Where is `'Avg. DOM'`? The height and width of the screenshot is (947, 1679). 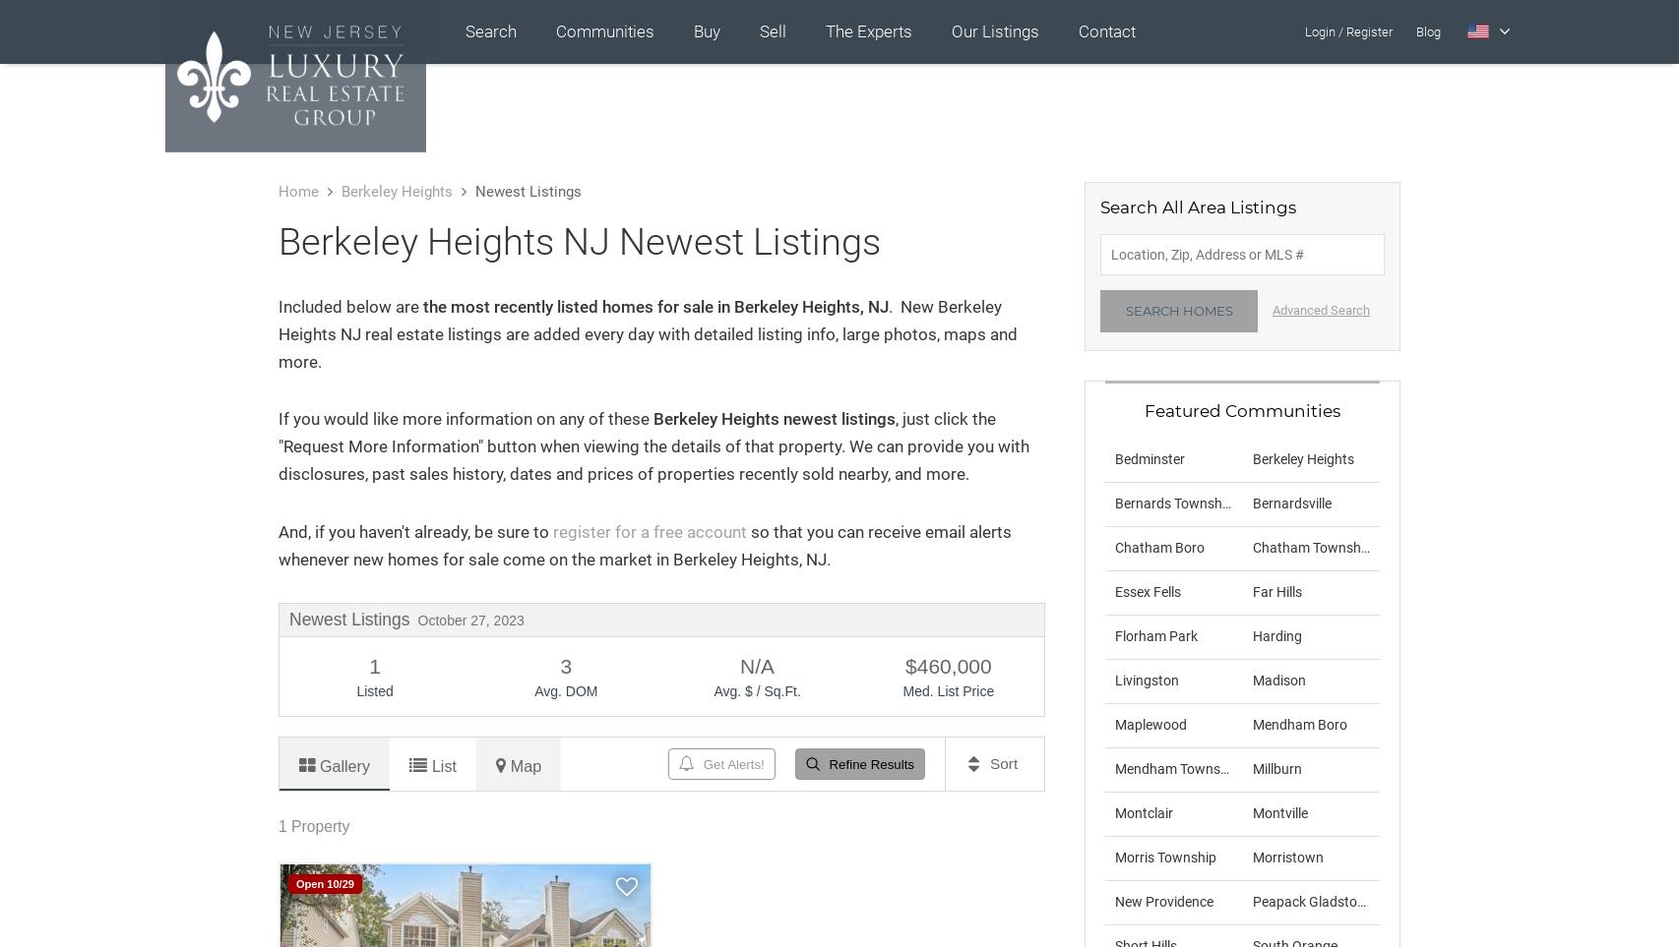
'Avg. DOM' is located at coordinates (564, 689).